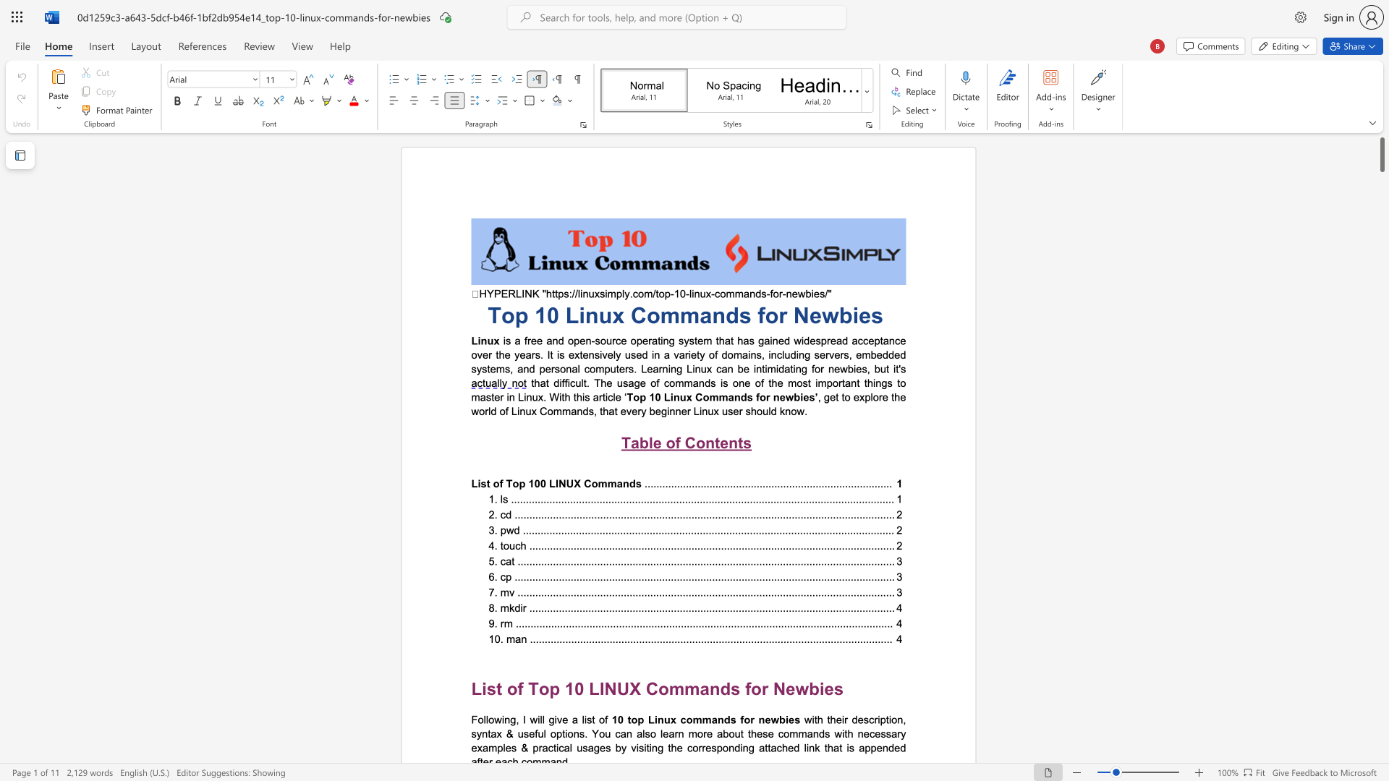 This screenshot has height=781, width=1389. Describe the element at coordinates (510, 720) in the screenshot. I see `the subset text "g, I will giv" within the text "Following, I will give a list of"` at that location.